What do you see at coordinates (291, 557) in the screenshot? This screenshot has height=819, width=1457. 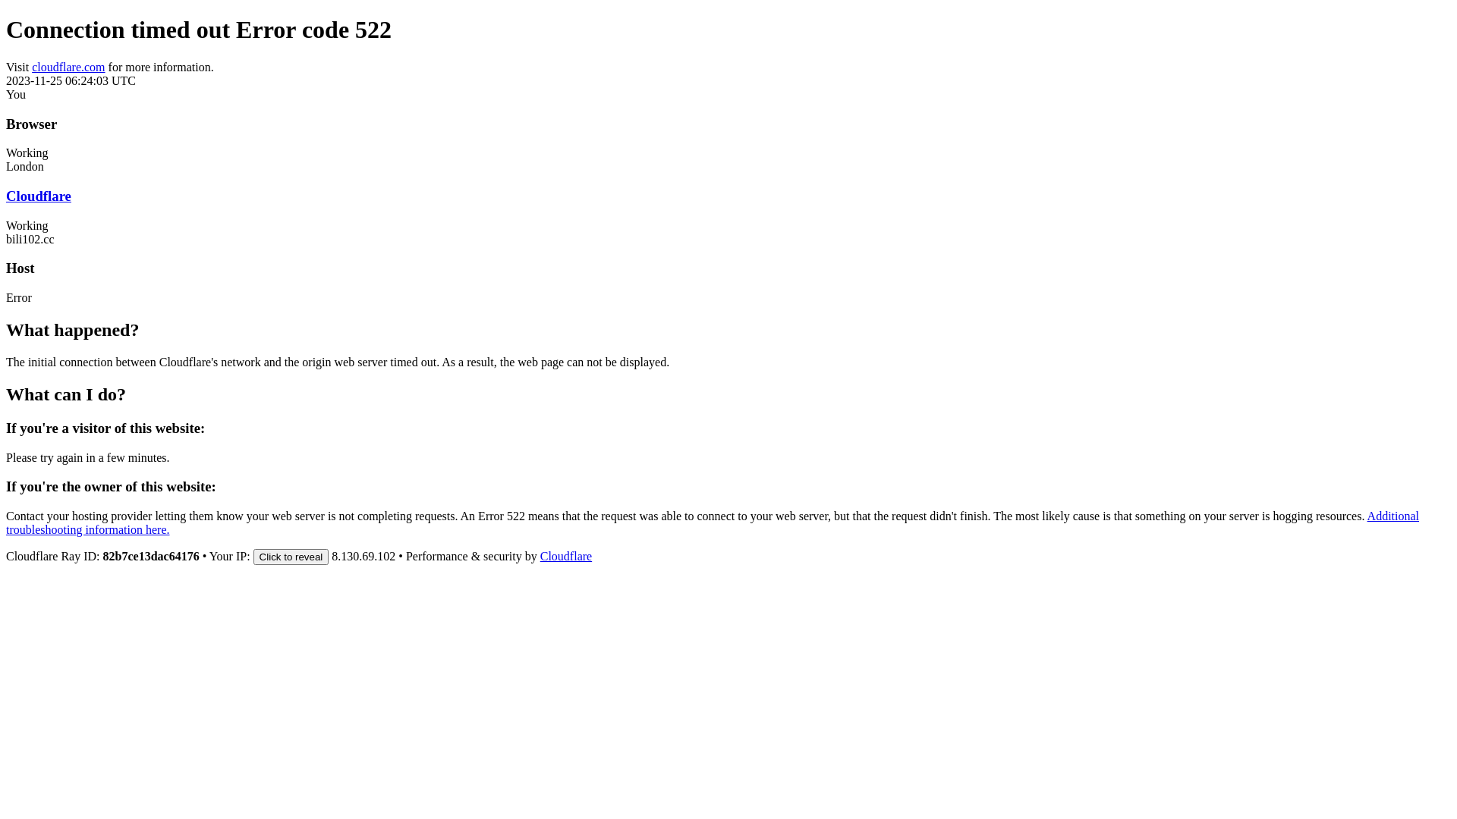 I see `'Click to reveal'` at bounding box center [291, 557].